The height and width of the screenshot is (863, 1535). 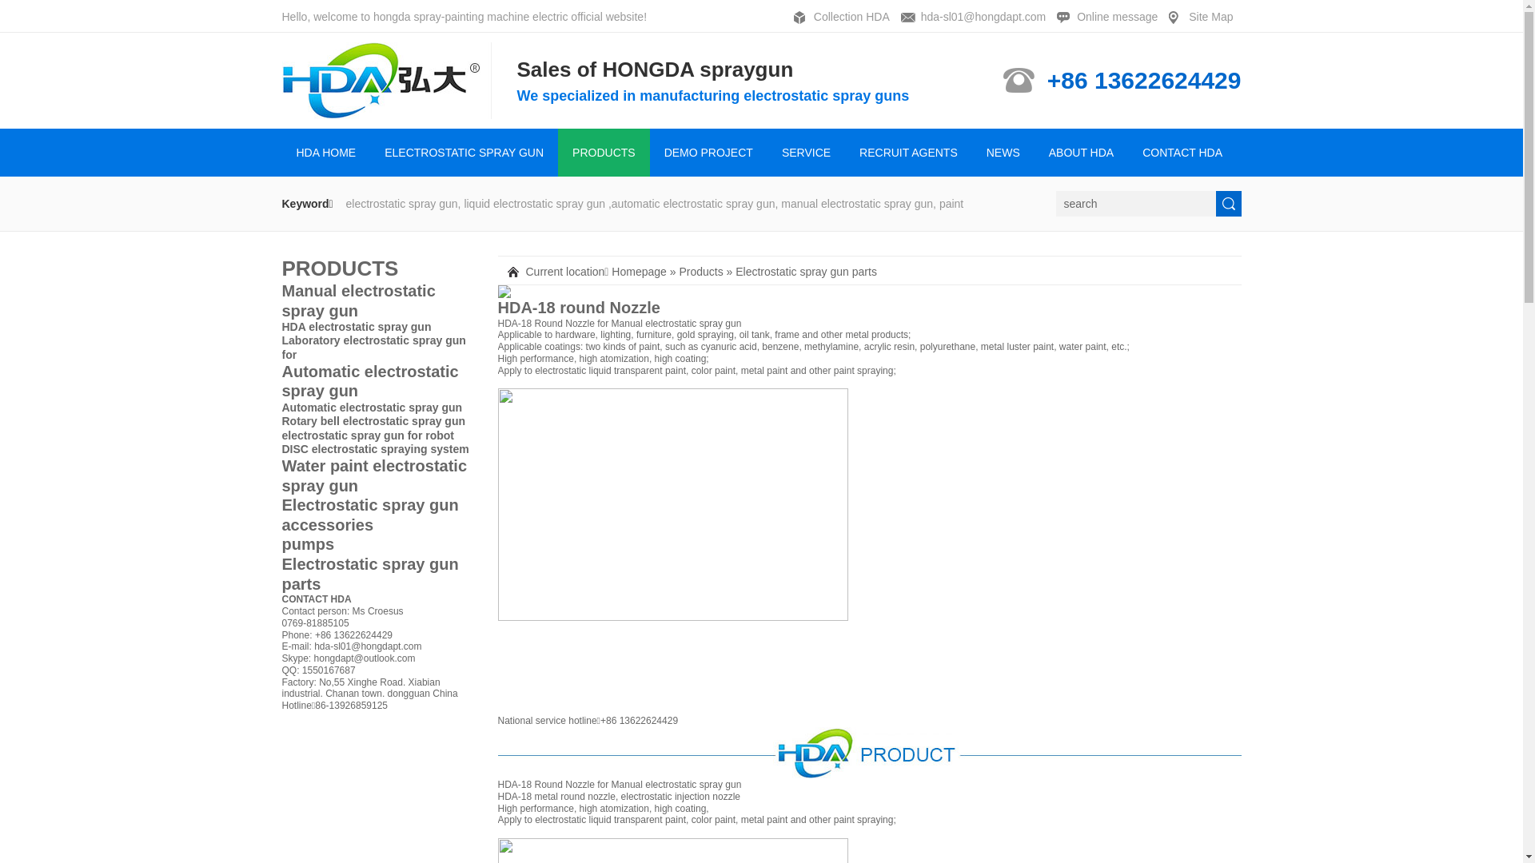 I want to click on 'electrostatic spray gun', so click(x=693, y=784).